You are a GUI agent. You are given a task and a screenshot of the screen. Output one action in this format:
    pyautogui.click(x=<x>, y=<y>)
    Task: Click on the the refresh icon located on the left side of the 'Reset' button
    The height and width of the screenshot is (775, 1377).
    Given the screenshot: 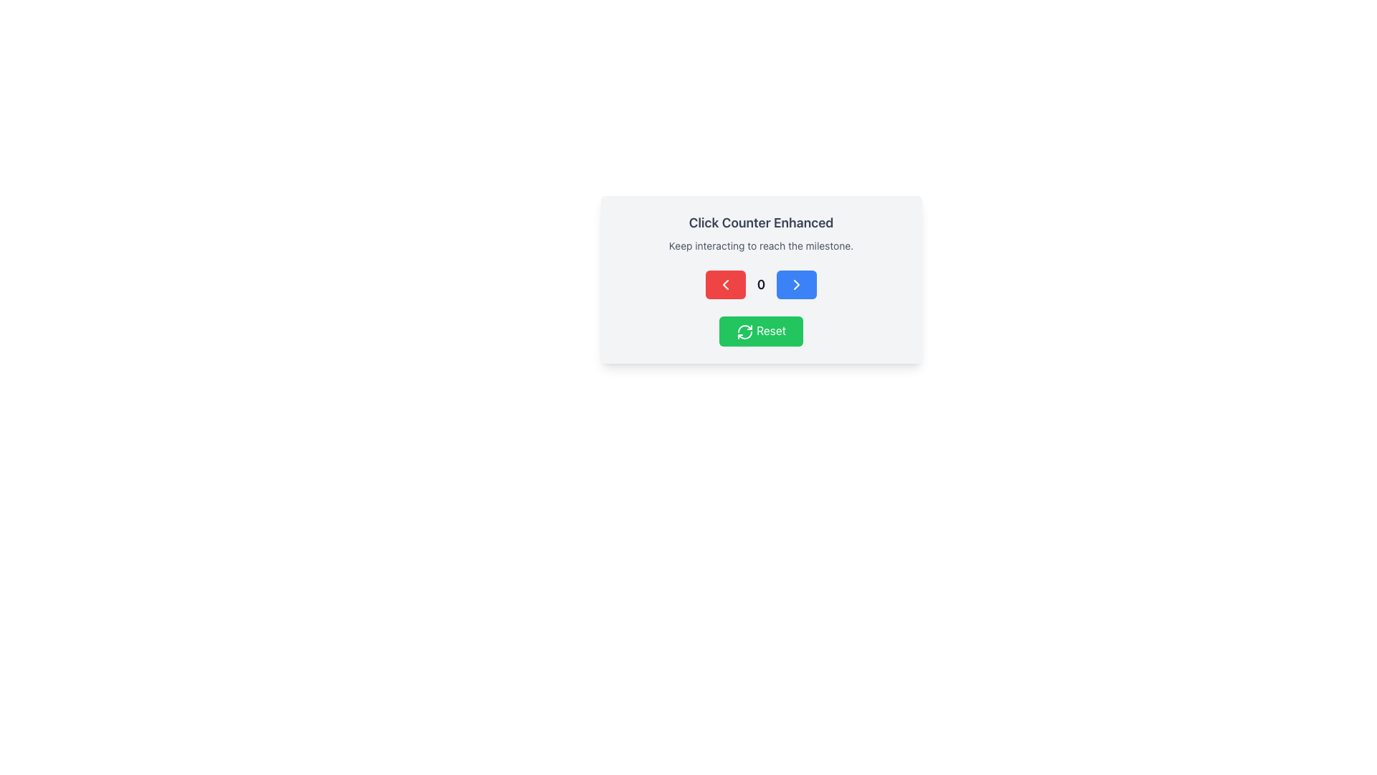 What is the action you would take?
    pyautogui.click(x=744, y=332)
    